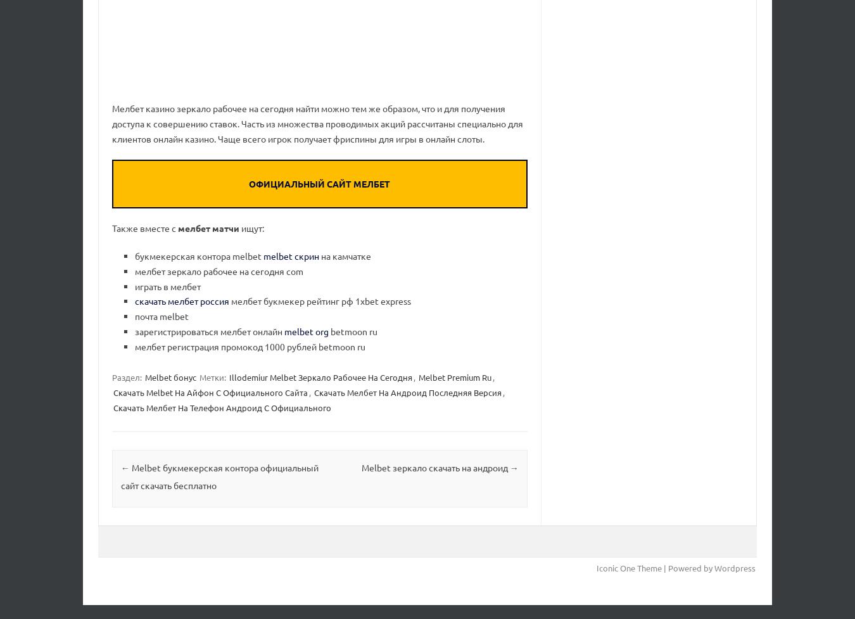 The height and width of the screenshot is (619, 855). I want to click on 'Скачать Melbet На Айфон С Официального Сайта', so click(209, 391).